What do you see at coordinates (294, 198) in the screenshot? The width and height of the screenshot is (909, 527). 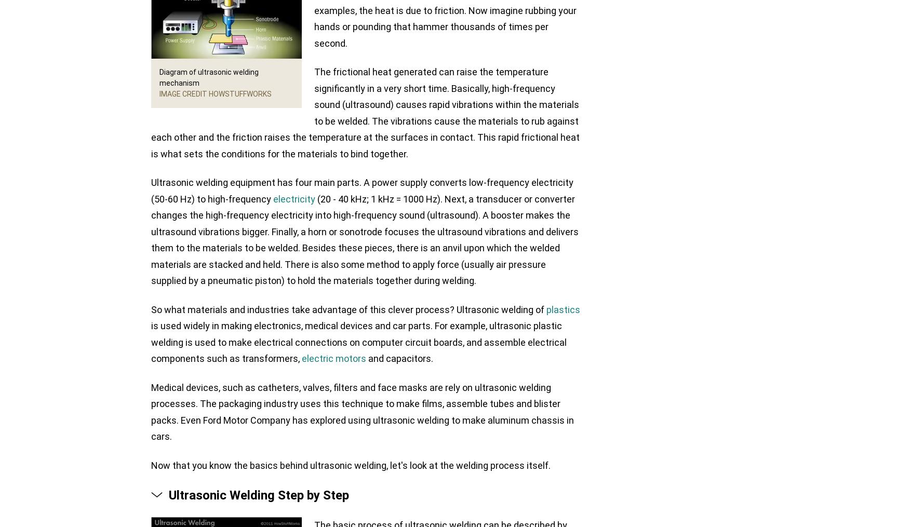 I see `'electricity'` at bounding box center [294, 198].